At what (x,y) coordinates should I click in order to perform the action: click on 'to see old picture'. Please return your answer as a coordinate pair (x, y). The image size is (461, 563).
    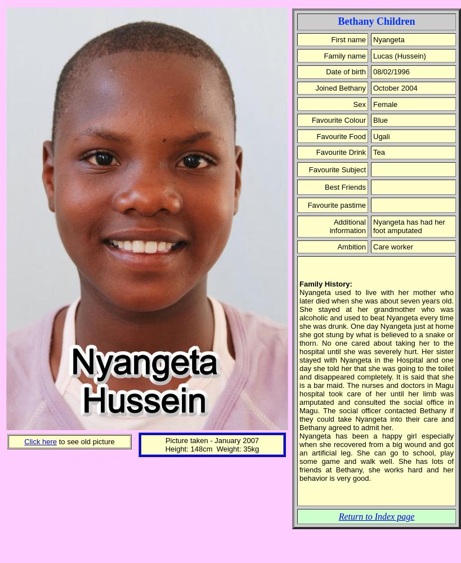
    Looking at the image, I should click on (56, 441).